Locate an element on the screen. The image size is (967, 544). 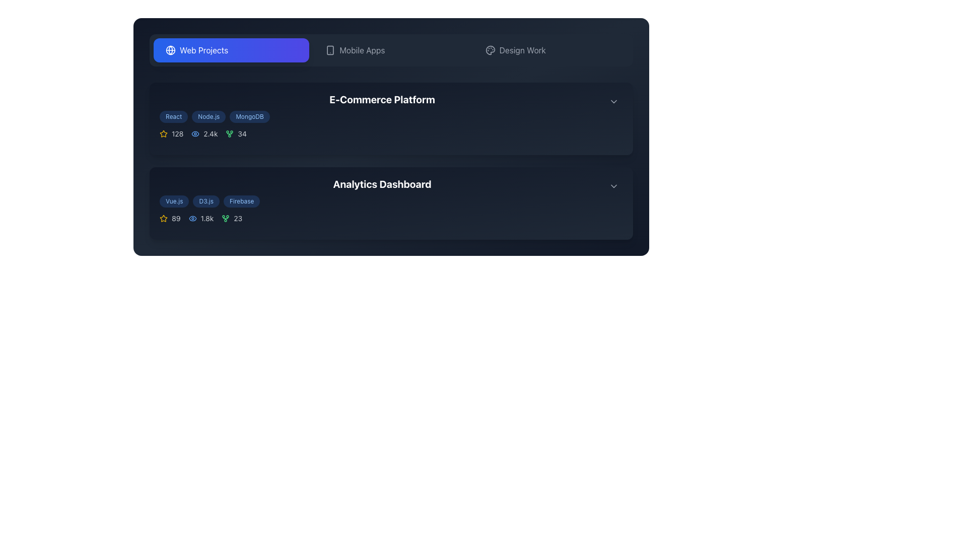
the downward-pointing chevron icon with a light gray stroke color, located within a circular button on the right side of the 'E-Commerce Platform' section header is located at coordinates (613, 101).